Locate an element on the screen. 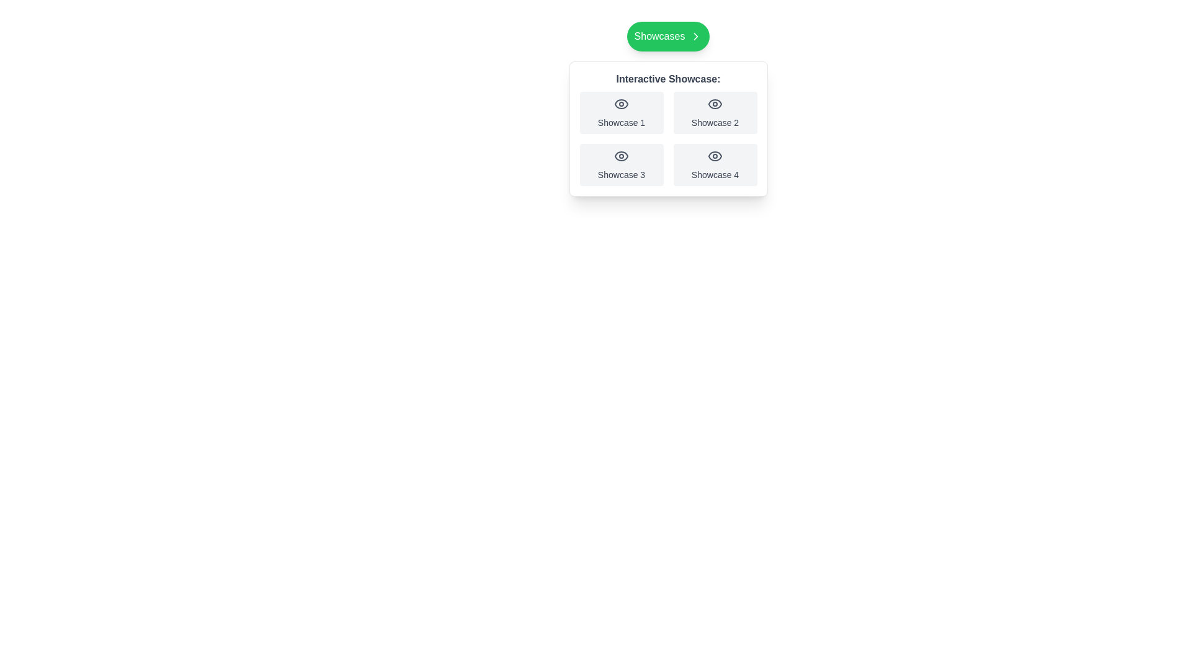  the eye icon located in the top-left tile labeled 'Showcase 1' is located at coordinates (622, 104).